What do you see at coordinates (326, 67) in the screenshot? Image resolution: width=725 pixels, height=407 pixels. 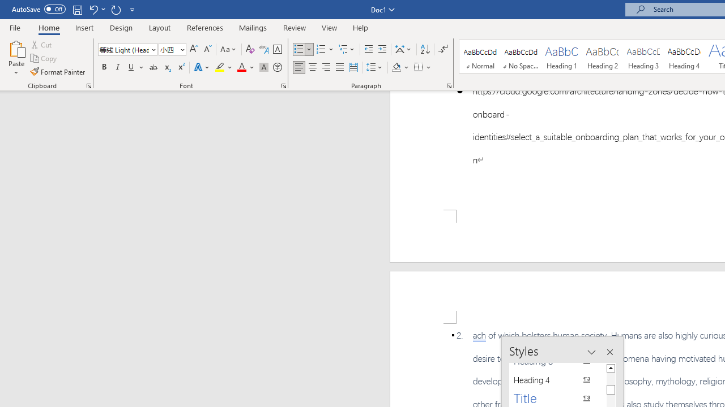 I see `'Align Right'` at bounding box center [326, 67].